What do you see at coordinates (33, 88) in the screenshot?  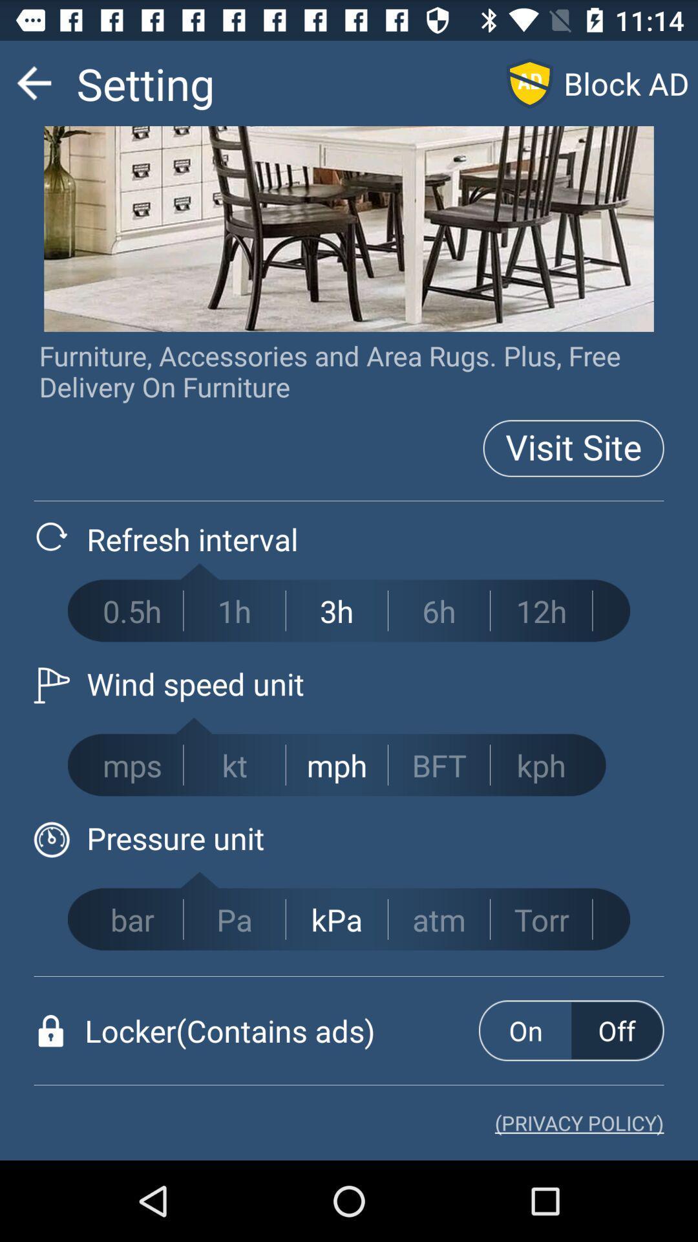 I see `the arrow_backward icon` at bounding box center [33, 88].